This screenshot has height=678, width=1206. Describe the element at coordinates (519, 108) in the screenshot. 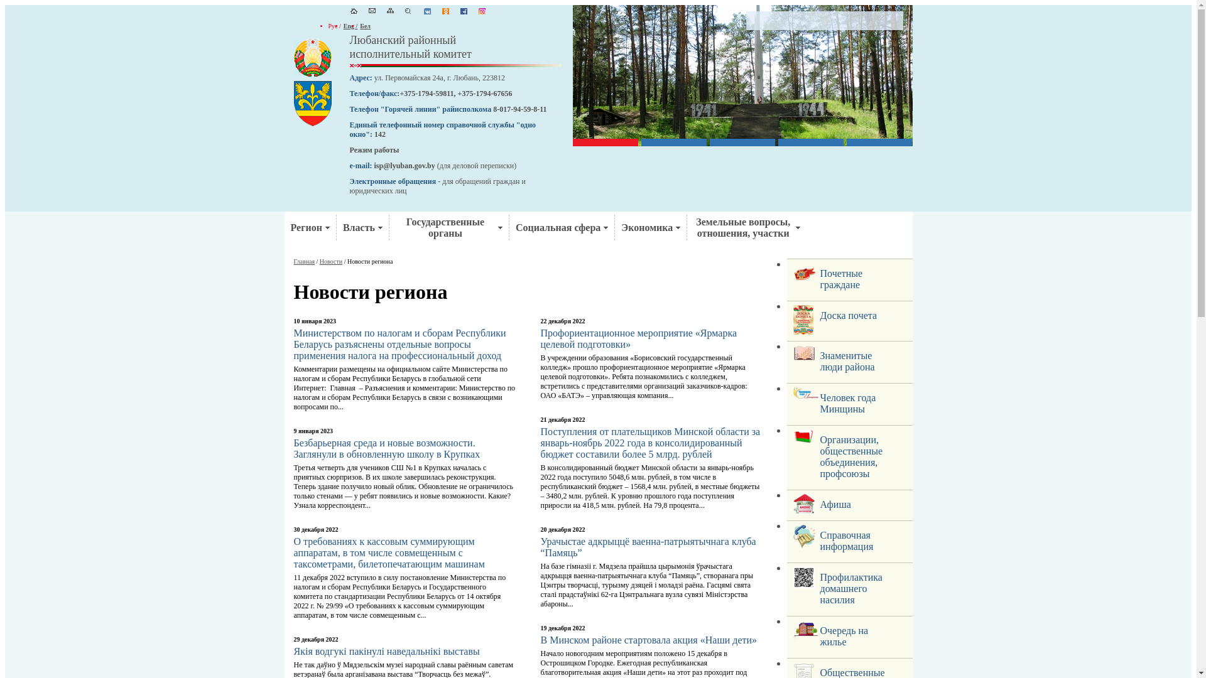

I see `'8-017-94-59-8-11'` at that location.